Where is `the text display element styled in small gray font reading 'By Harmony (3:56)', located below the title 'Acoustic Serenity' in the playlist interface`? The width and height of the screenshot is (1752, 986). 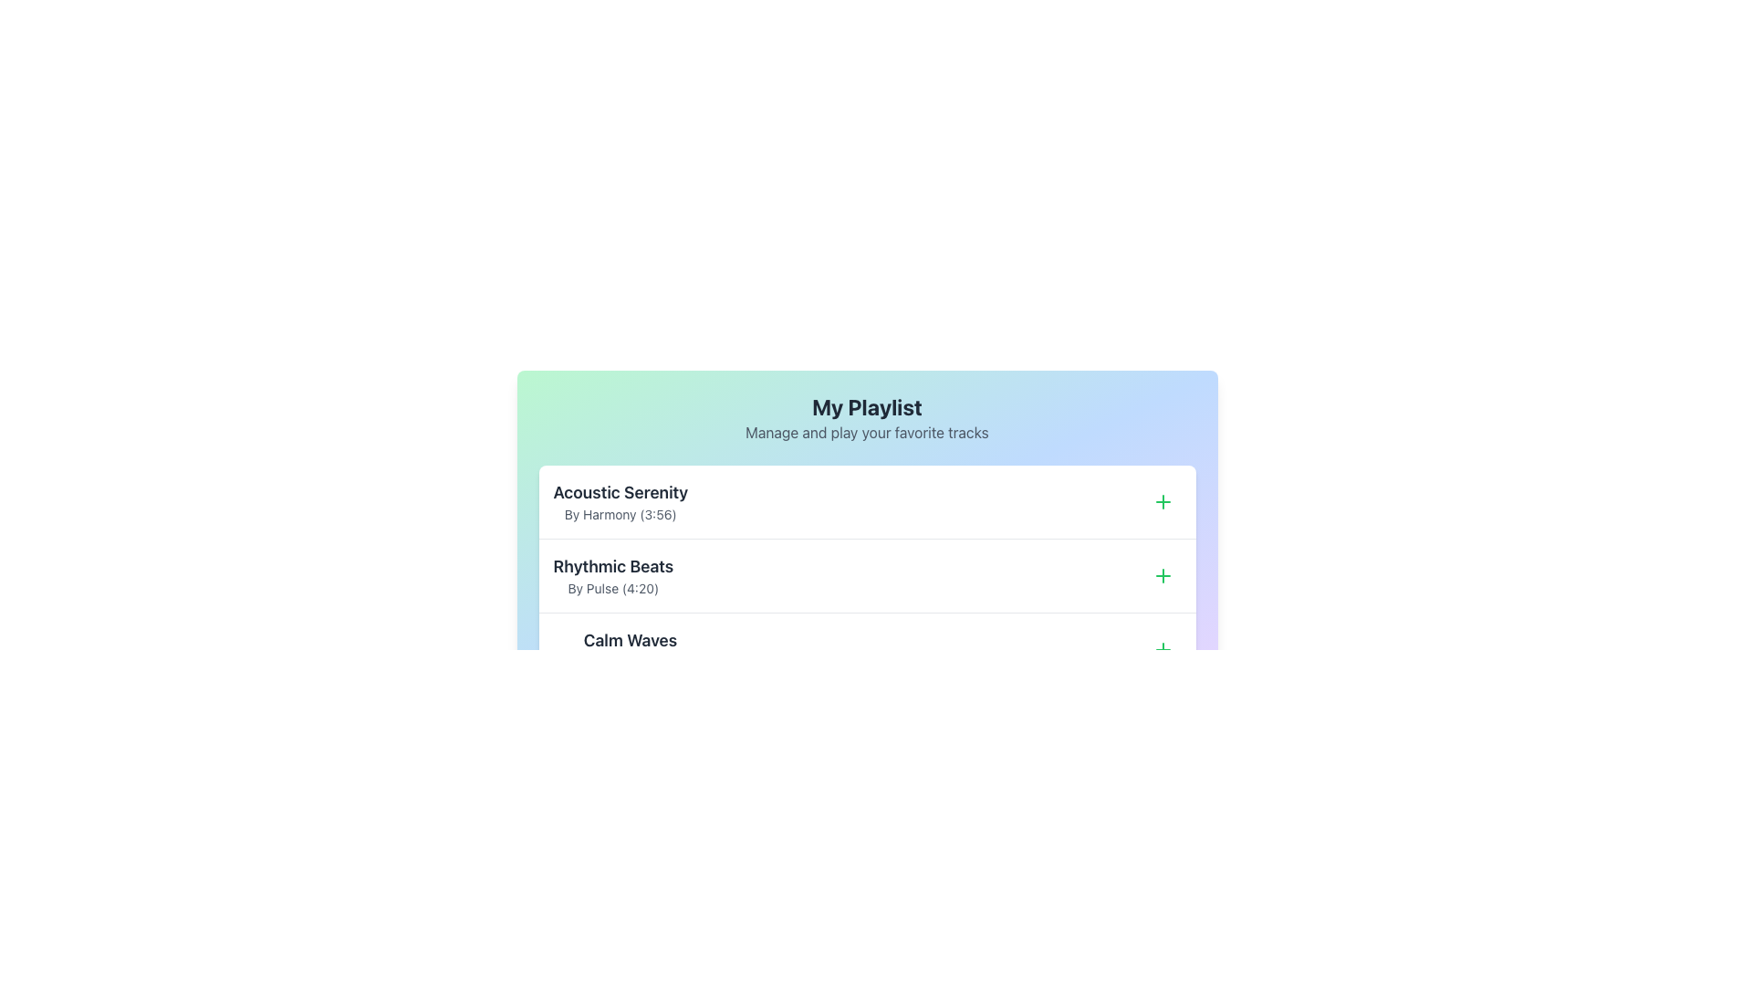 the text display element styled in small gray font reading 'By Harmony (3:56)', located below the title 'Acoustic Serenity' in the playlist interface is located at coordinates (620, 514).